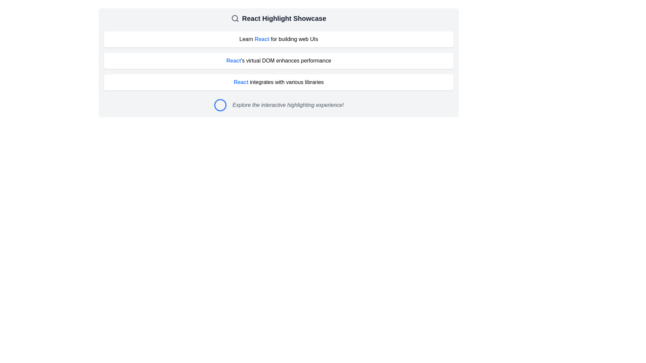 The height and width of the screenshot is (363, 646). Describe the element at coordinates (241, 82) in the screenshot. I see `the hyperlink emphasizing the word 'React' located at the beginning of the string 'React integrates with various libraries' in the third row of the content block` at that location.